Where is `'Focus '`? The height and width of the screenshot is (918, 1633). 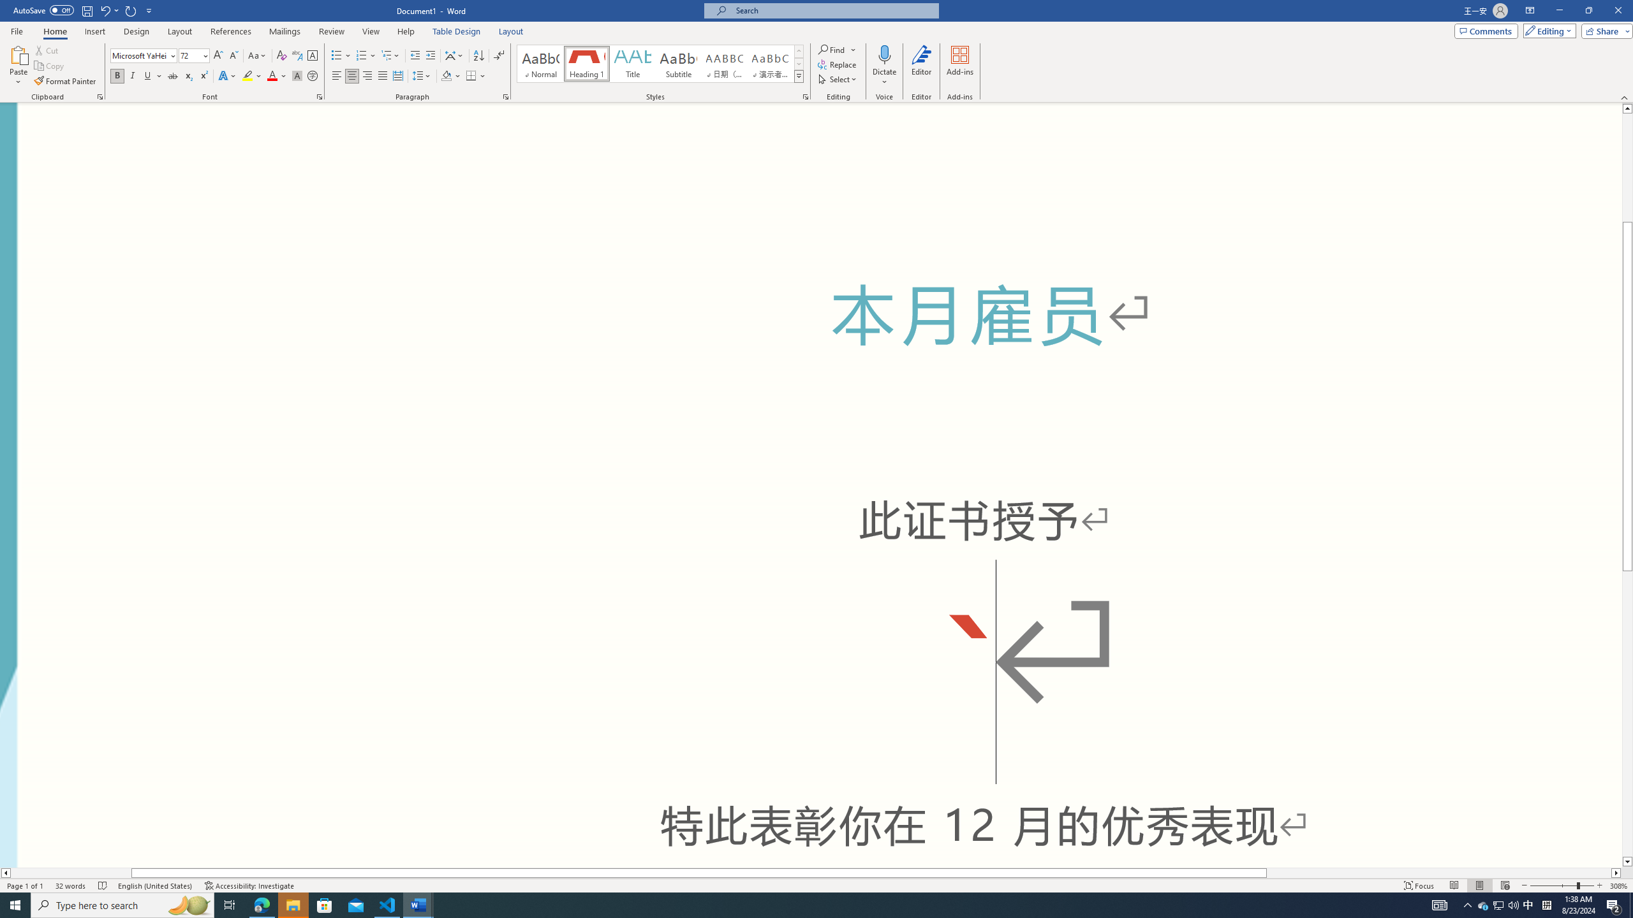
'Focus ' is located at coordinates (1419, 885).